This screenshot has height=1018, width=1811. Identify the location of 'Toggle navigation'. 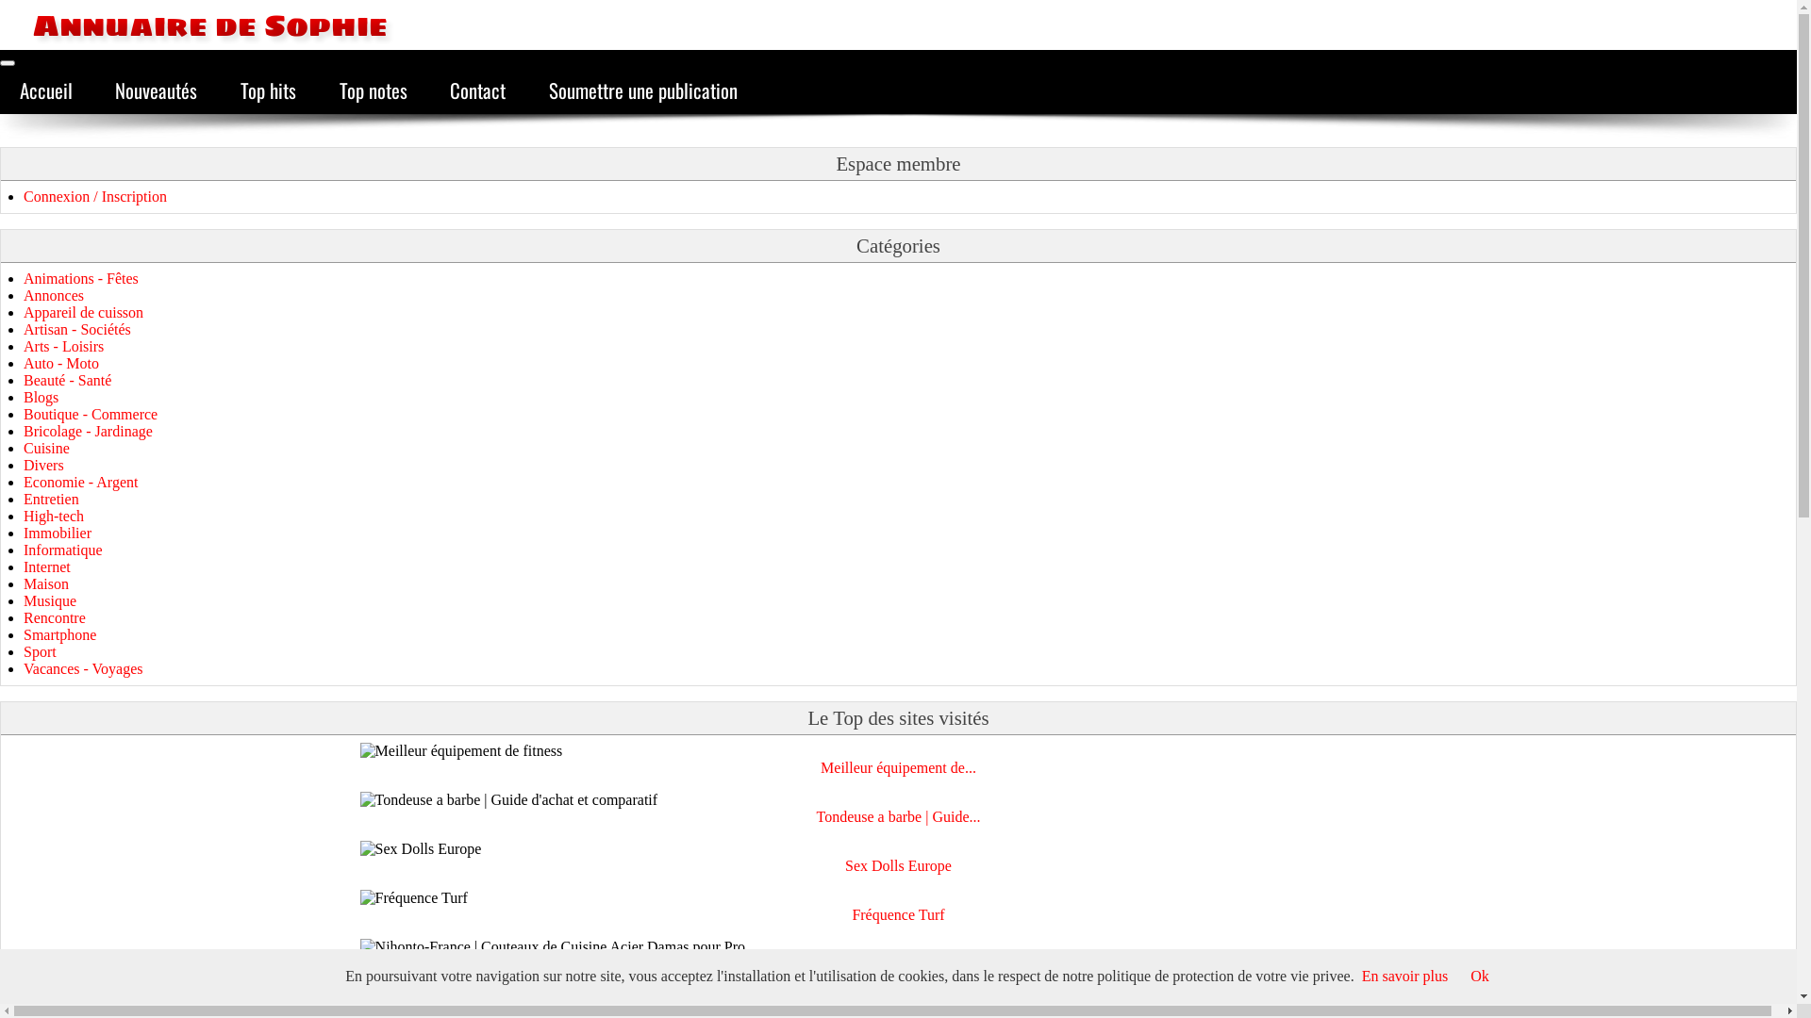
(8, 61).